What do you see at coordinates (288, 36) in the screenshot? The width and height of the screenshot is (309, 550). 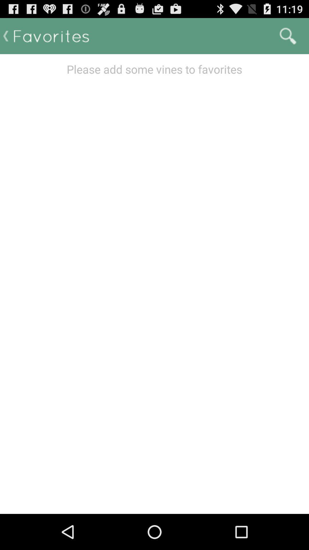 I see `icon at the top right corner` at bounding box center [288, 36].